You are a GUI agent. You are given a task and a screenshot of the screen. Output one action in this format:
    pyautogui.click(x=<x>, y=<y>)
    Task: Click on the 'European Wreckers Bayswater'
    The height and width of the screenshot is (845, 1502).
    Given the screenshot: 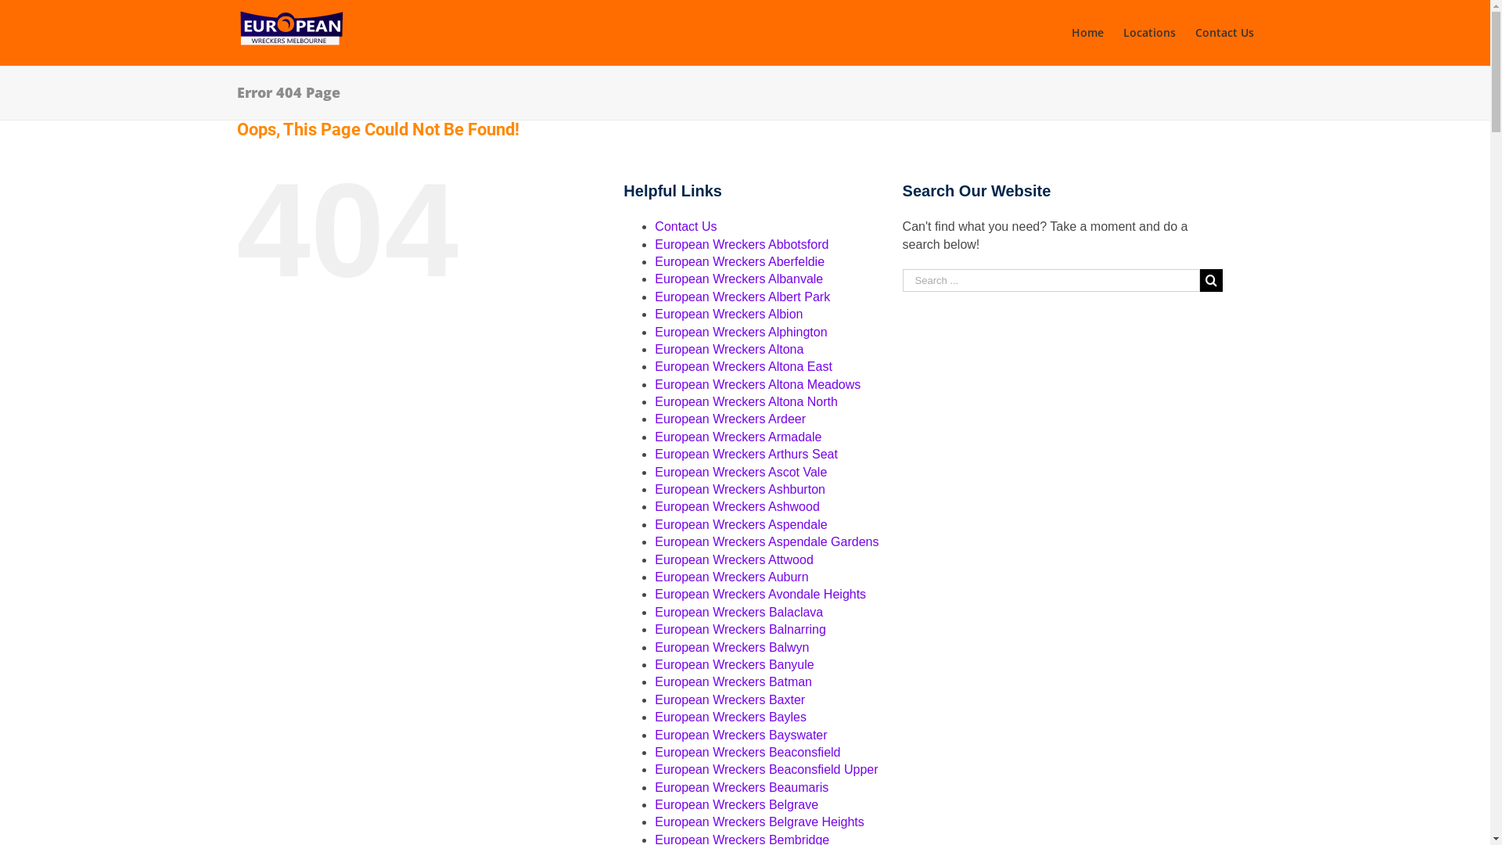 What is the action you would take?
    pyautogui.click(x=654, y=735)
    